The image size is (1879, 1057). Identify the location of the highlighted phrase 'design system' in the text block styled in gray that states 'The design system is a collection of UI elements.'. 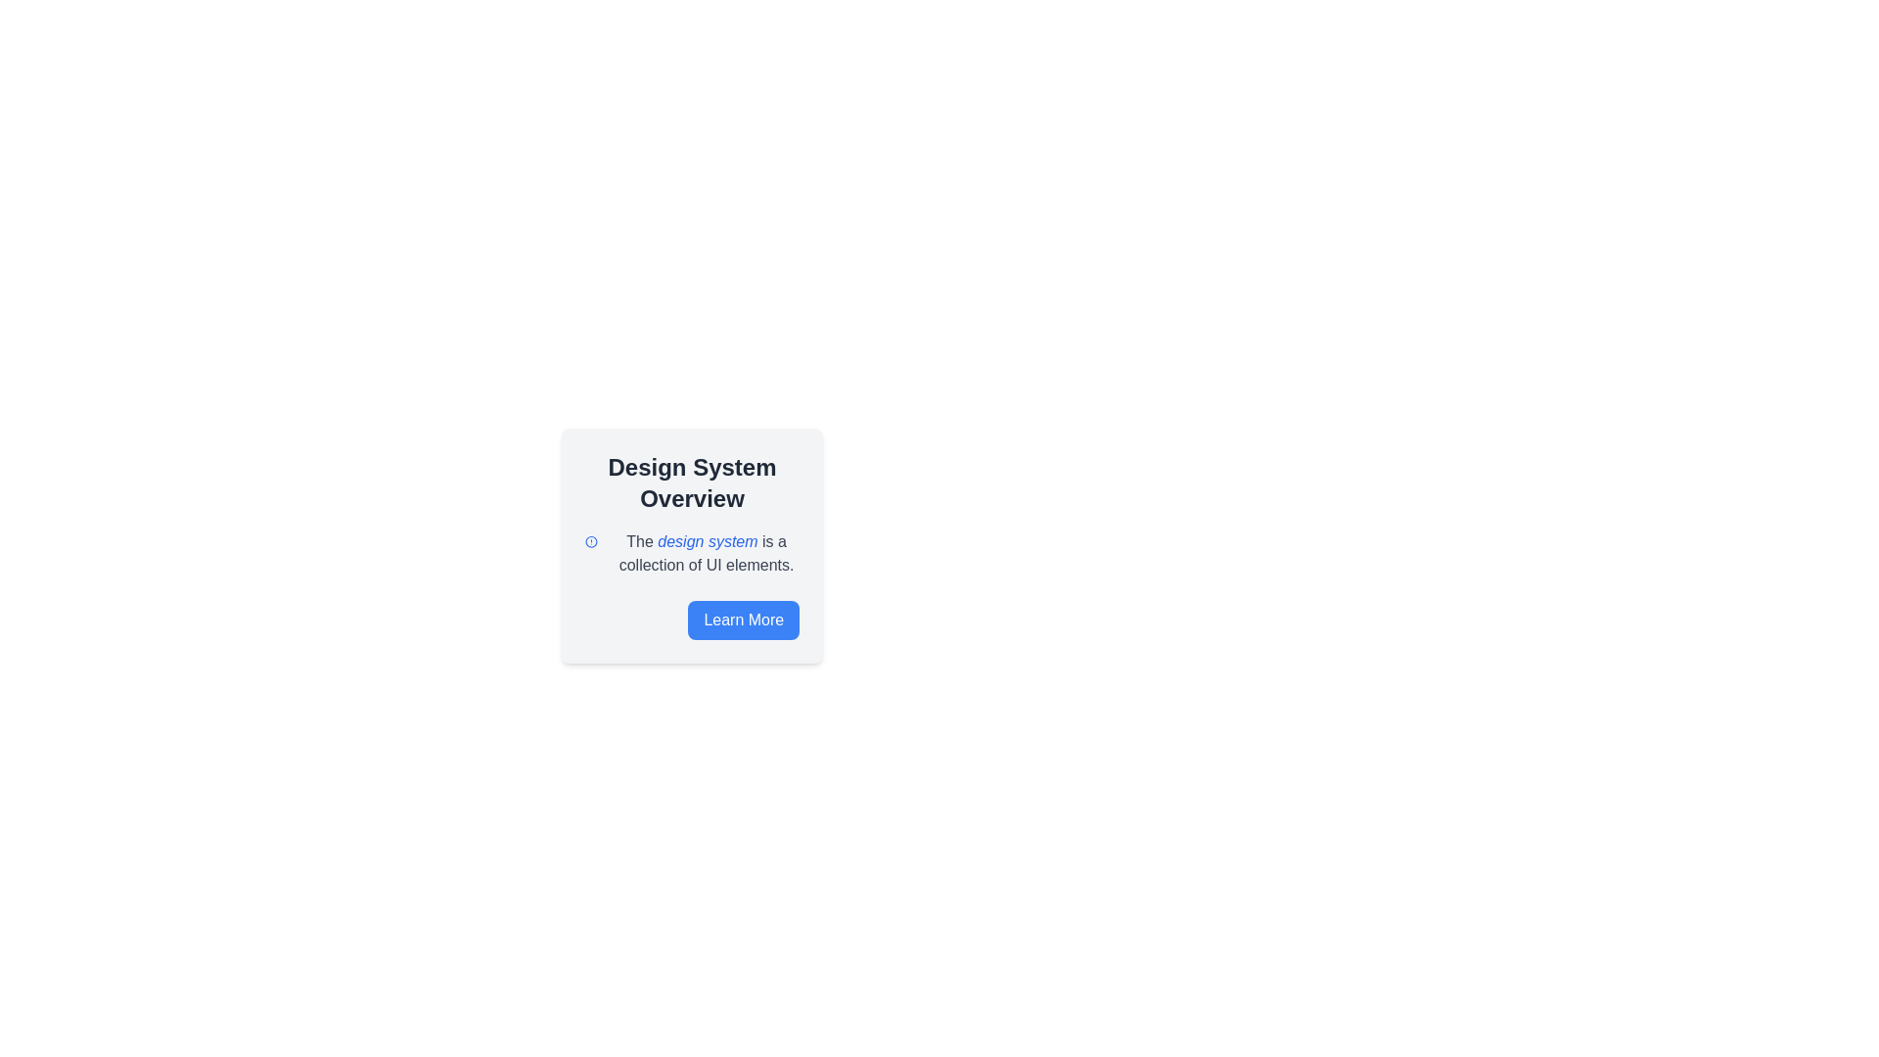
(705, 554).